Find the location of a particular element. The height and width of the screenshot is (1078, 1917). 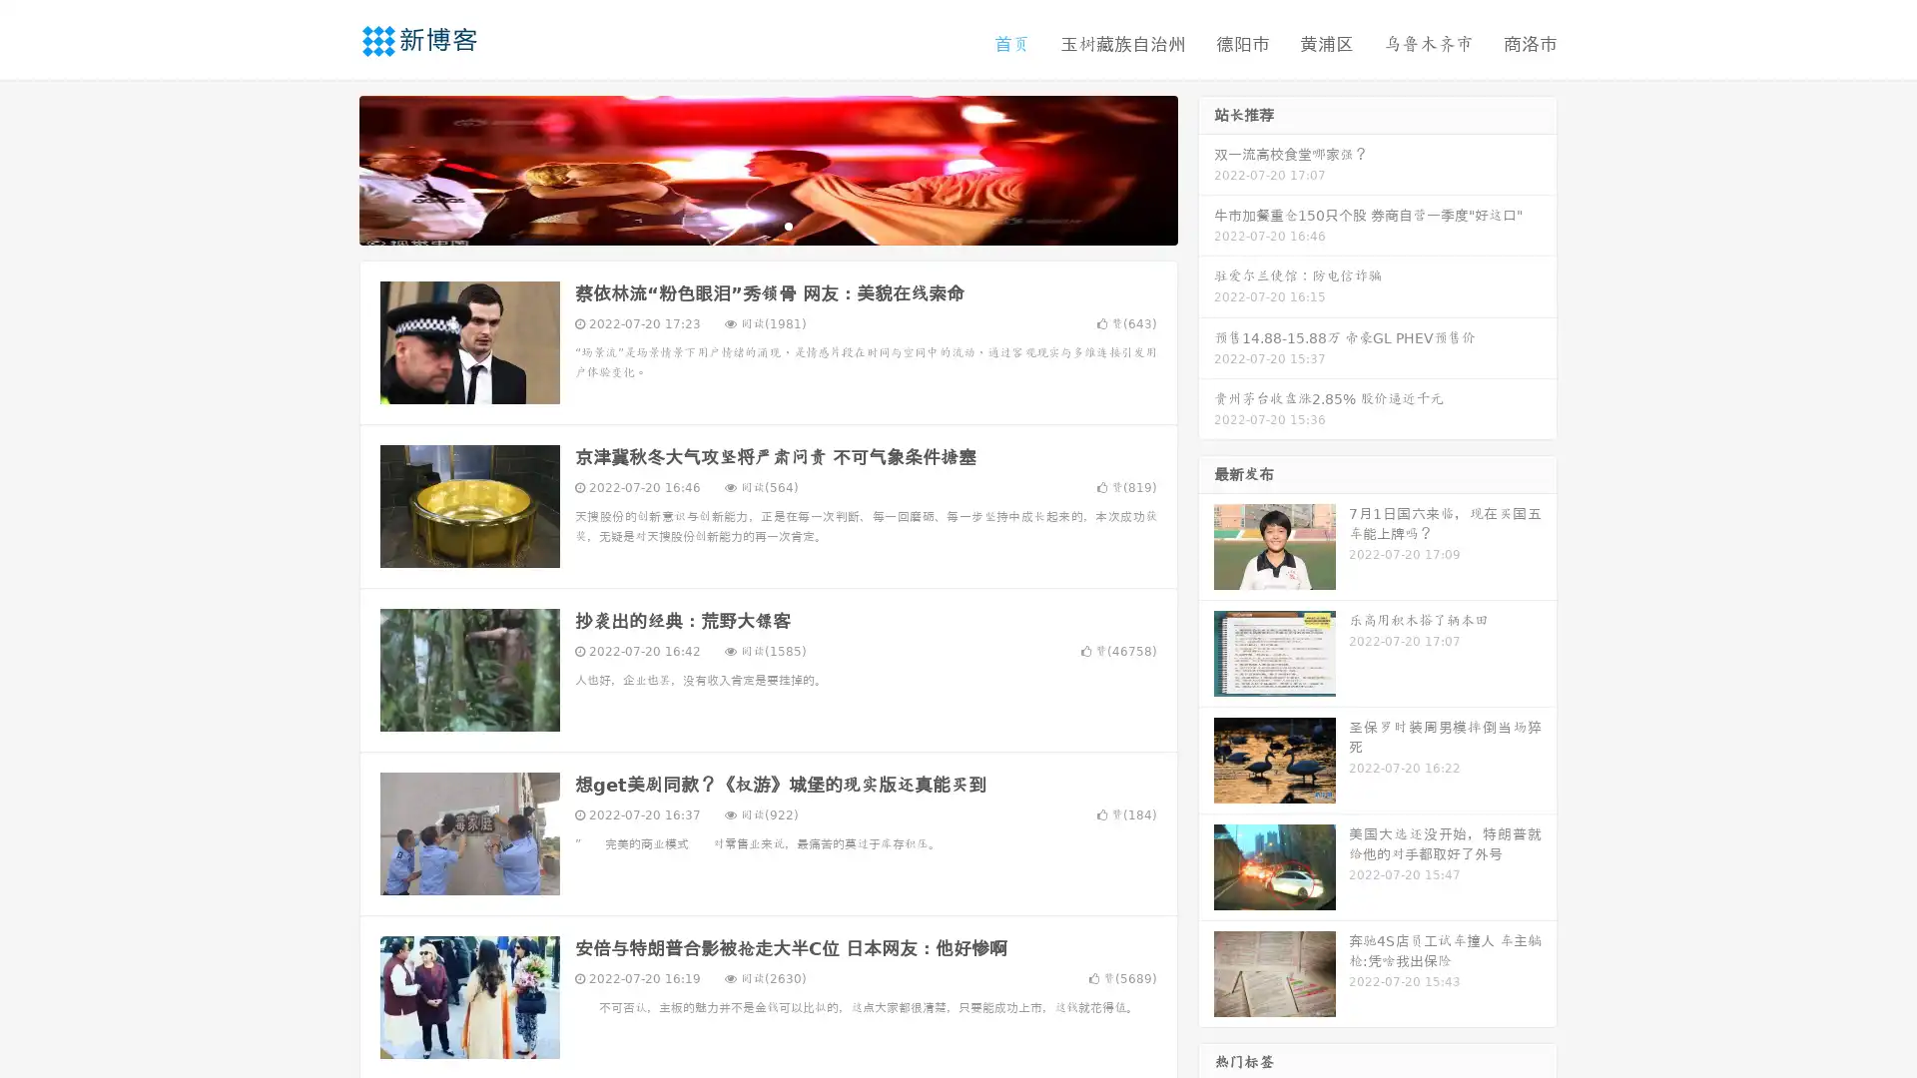

Previous slide is located at coordinates (329, 168).